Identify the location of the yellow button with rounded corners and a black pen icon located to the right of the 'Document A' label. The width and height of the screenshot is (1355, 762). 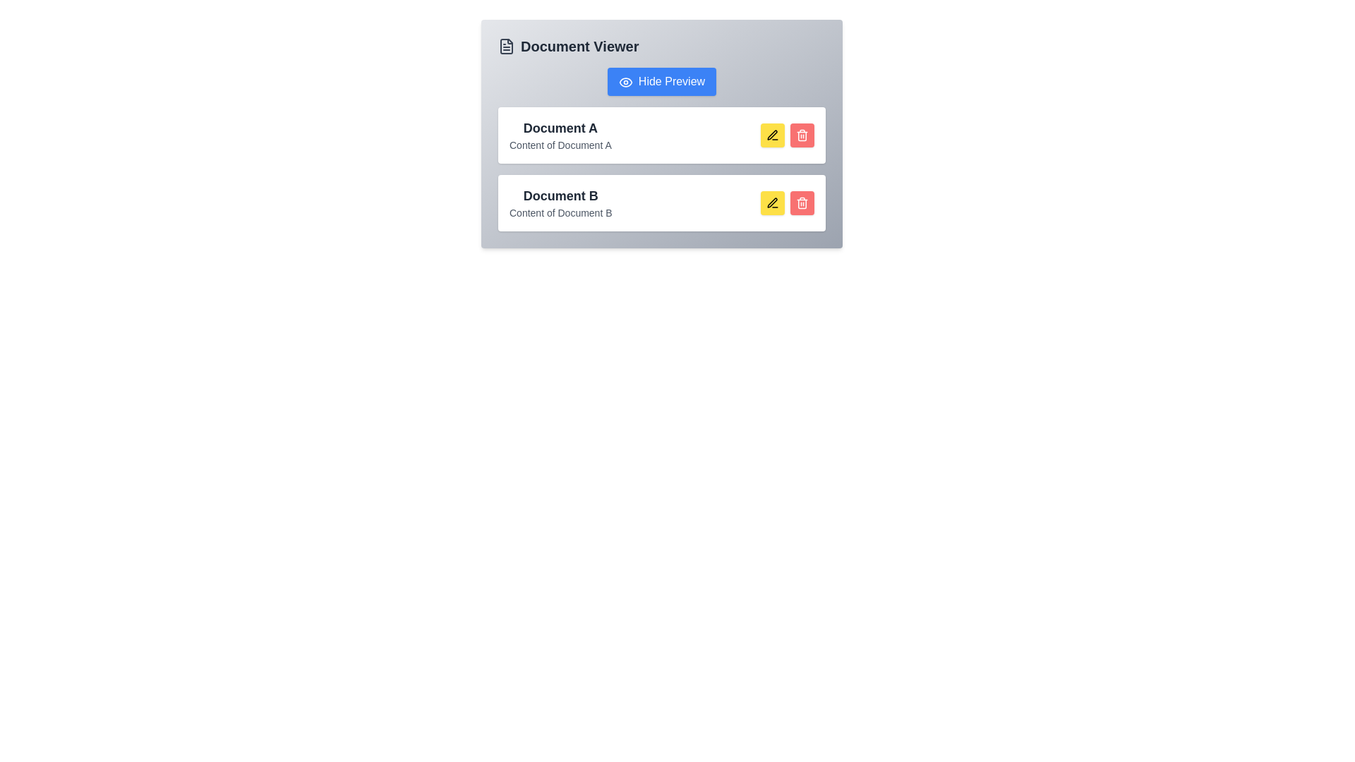
(771, 135).